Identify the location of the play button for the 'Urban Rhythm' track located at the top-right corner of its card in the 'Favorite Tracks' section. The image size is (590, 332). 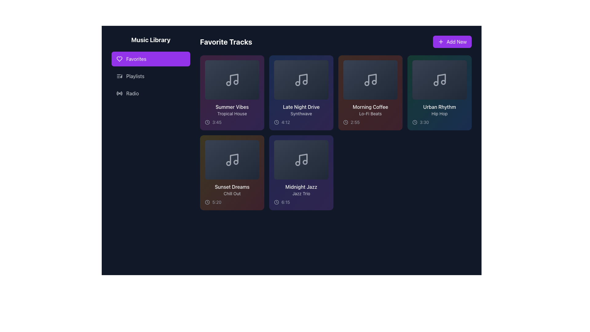
(463, 64).